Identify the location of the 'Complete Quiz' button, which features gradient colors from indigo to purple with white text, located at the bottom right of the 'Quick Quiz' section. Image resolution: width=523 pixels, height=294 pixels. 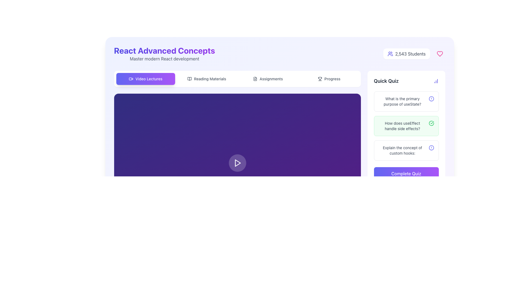
(406, 173).